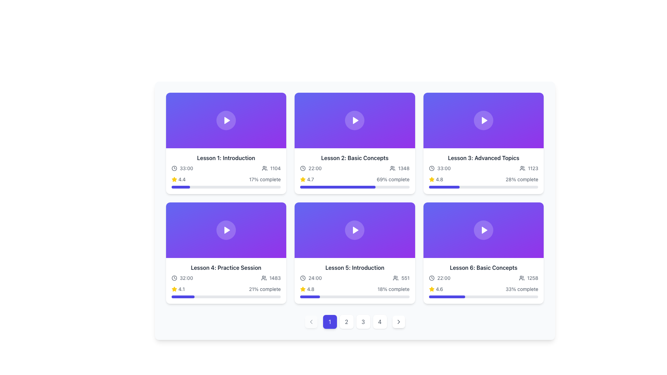 This screenshot has width=667, height=375. Describe the element at coordinates (444, 187) in the screenshot. I see `the progress bar located in the bottom section of the third card in the top row of a grid layout, which visually indicates the completion level of a task` at that location.